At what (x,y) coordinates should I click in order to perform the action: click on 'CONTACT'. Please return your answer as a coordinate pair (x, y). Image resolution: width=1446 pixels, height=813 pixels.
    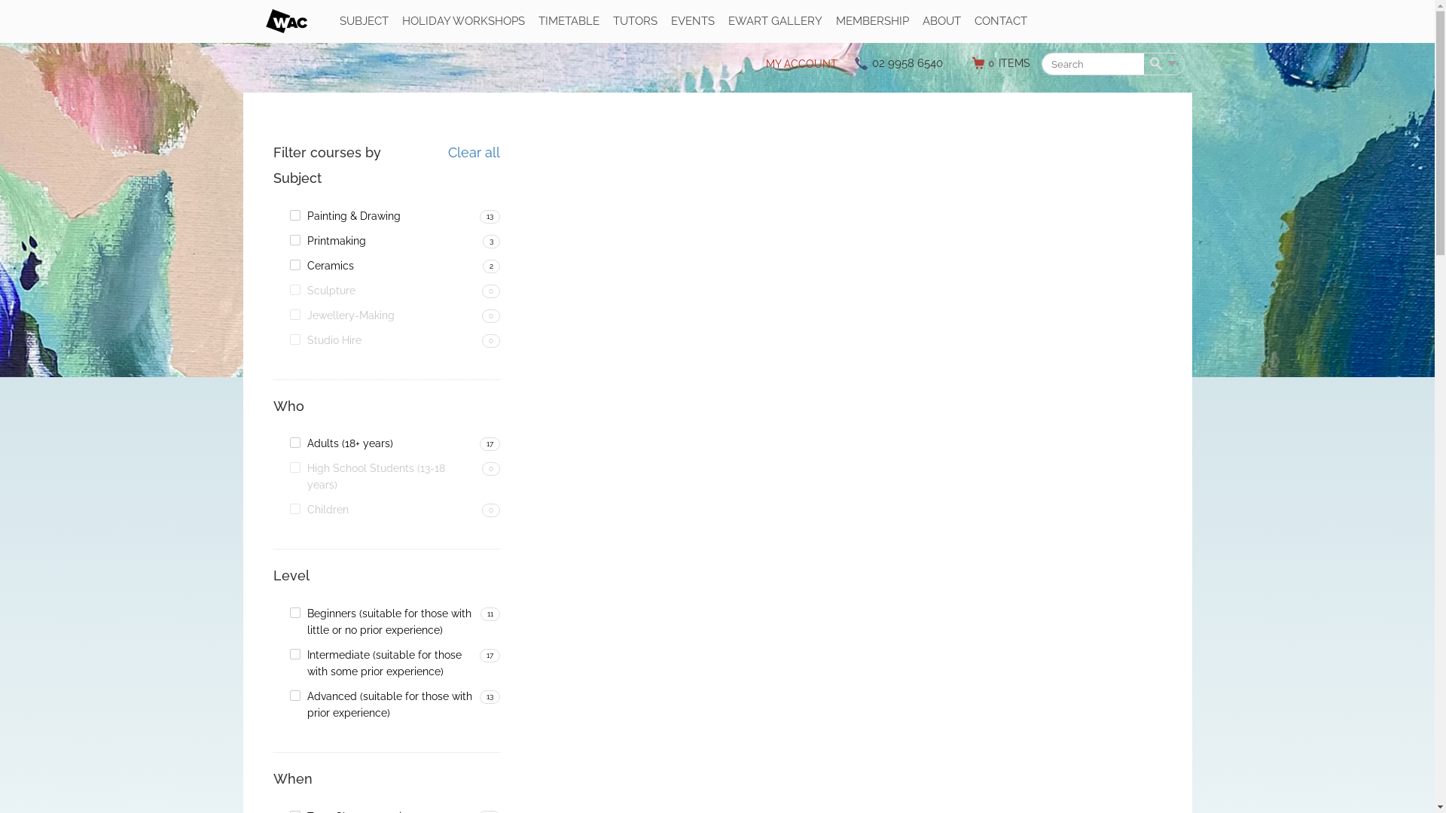
    Looking at the image, I should click on (1001, 20).